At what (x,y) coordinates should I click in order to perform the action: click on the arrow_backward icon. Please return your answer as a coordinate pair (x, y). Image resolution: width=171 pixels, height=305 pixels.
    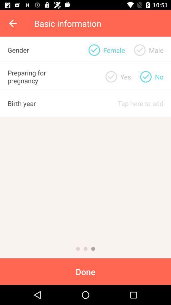
    Looking at the image, I should click on (13, 23).